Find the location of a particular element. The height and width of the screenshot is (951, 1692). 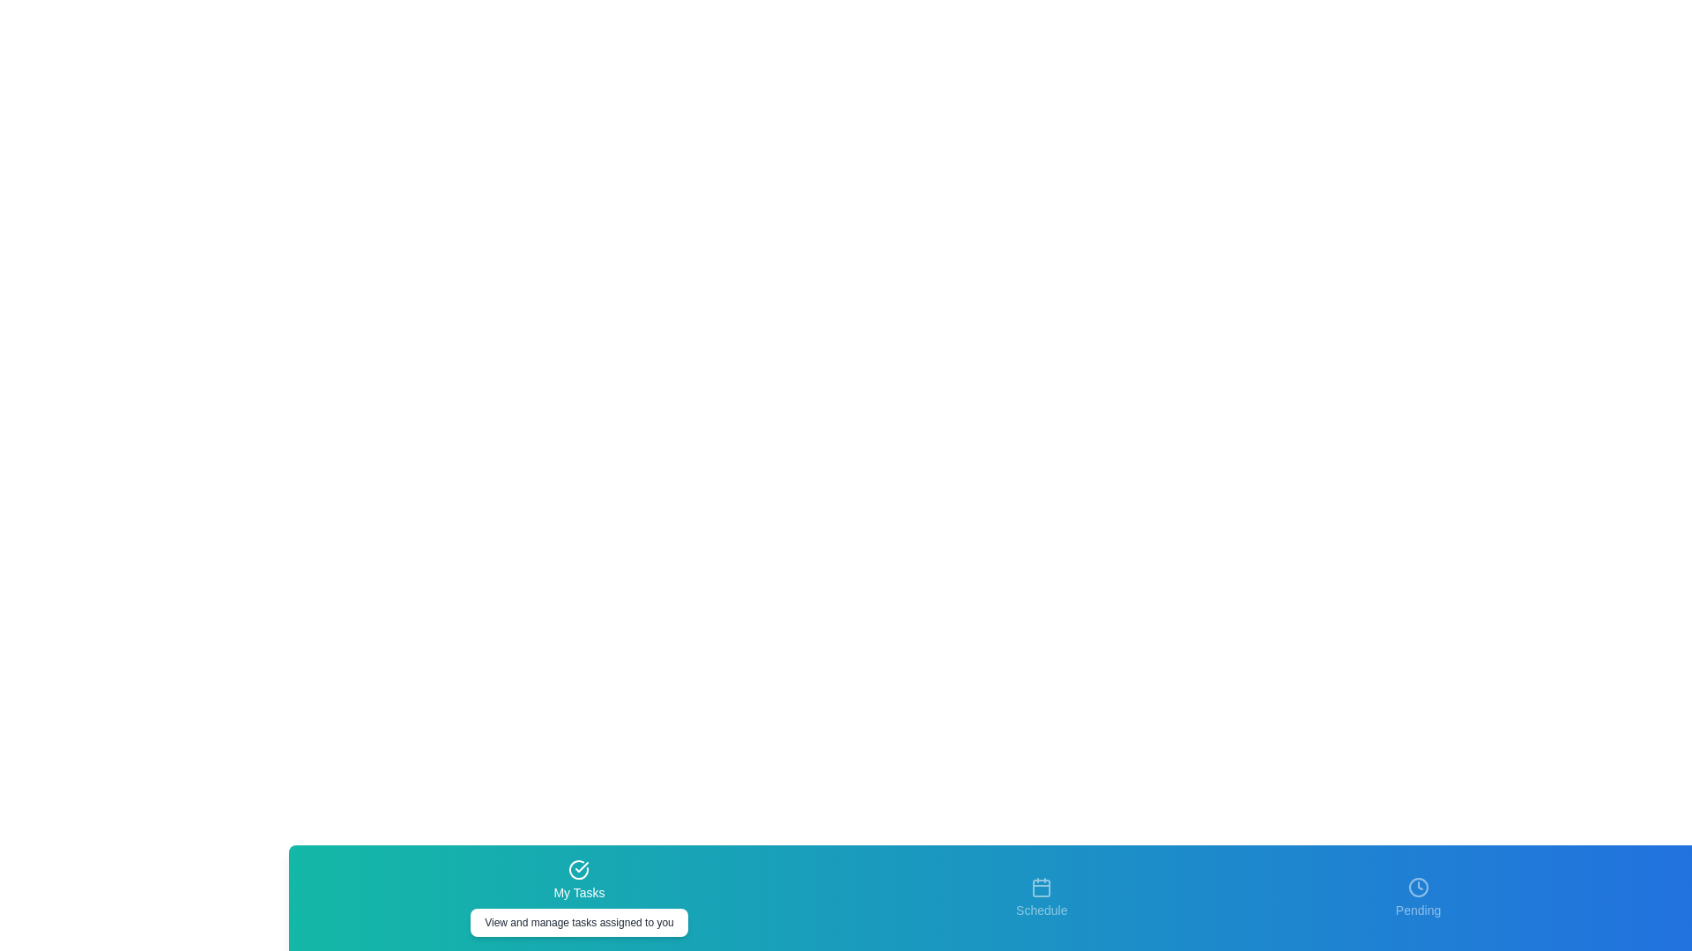

the tab labeled My Tasks to see its hover effect is located at coordinates (579, 897).